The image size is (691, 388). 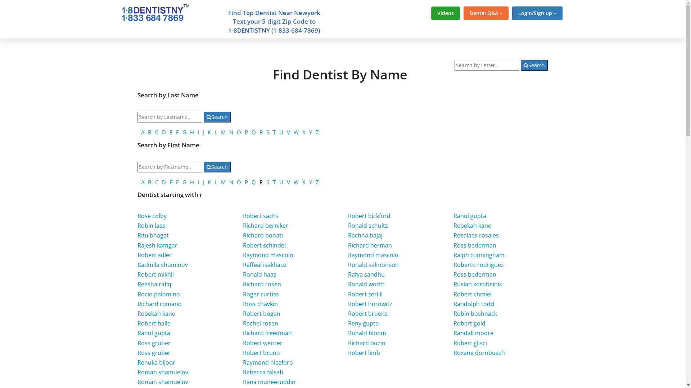 What do you see at coordinates (163, 181) in the screenshot?
I see `'D'` at bounding box center [163, 181].